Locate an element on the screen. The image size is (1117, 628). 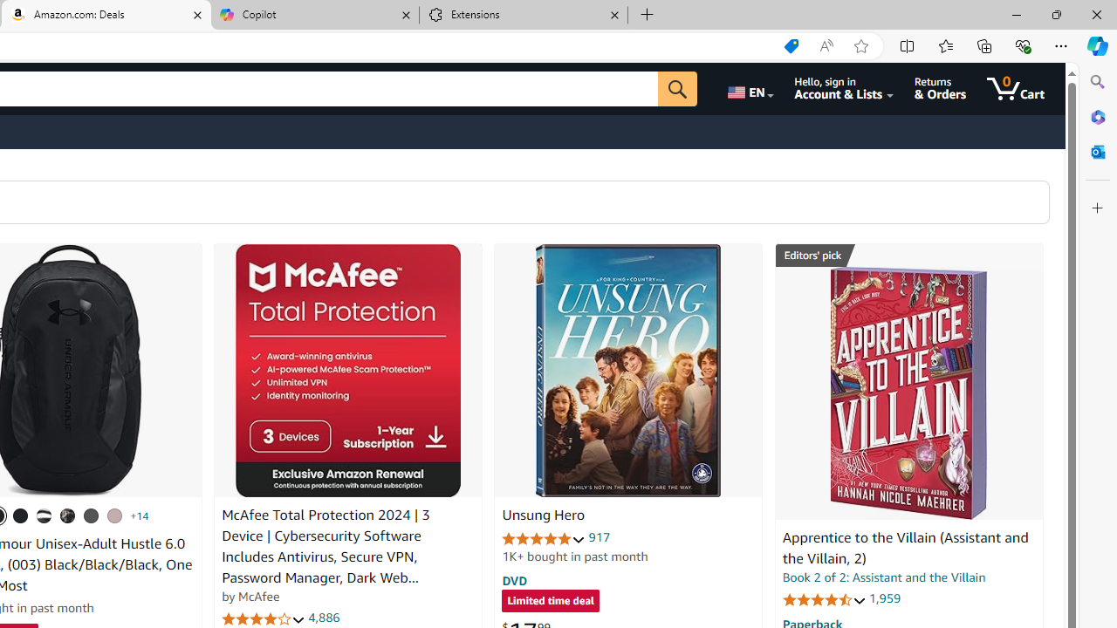
'Add this page to favorites (Ctrl+D)' is located at coordinates (860, 45).